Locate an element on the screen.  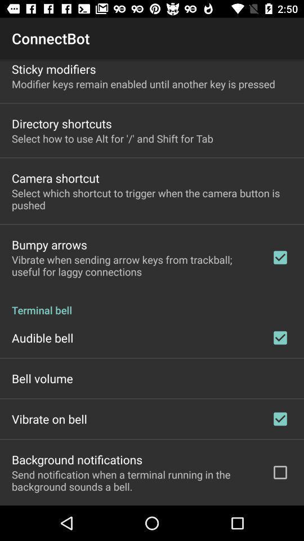
item above the select how to is located at coordinates (61, 123).